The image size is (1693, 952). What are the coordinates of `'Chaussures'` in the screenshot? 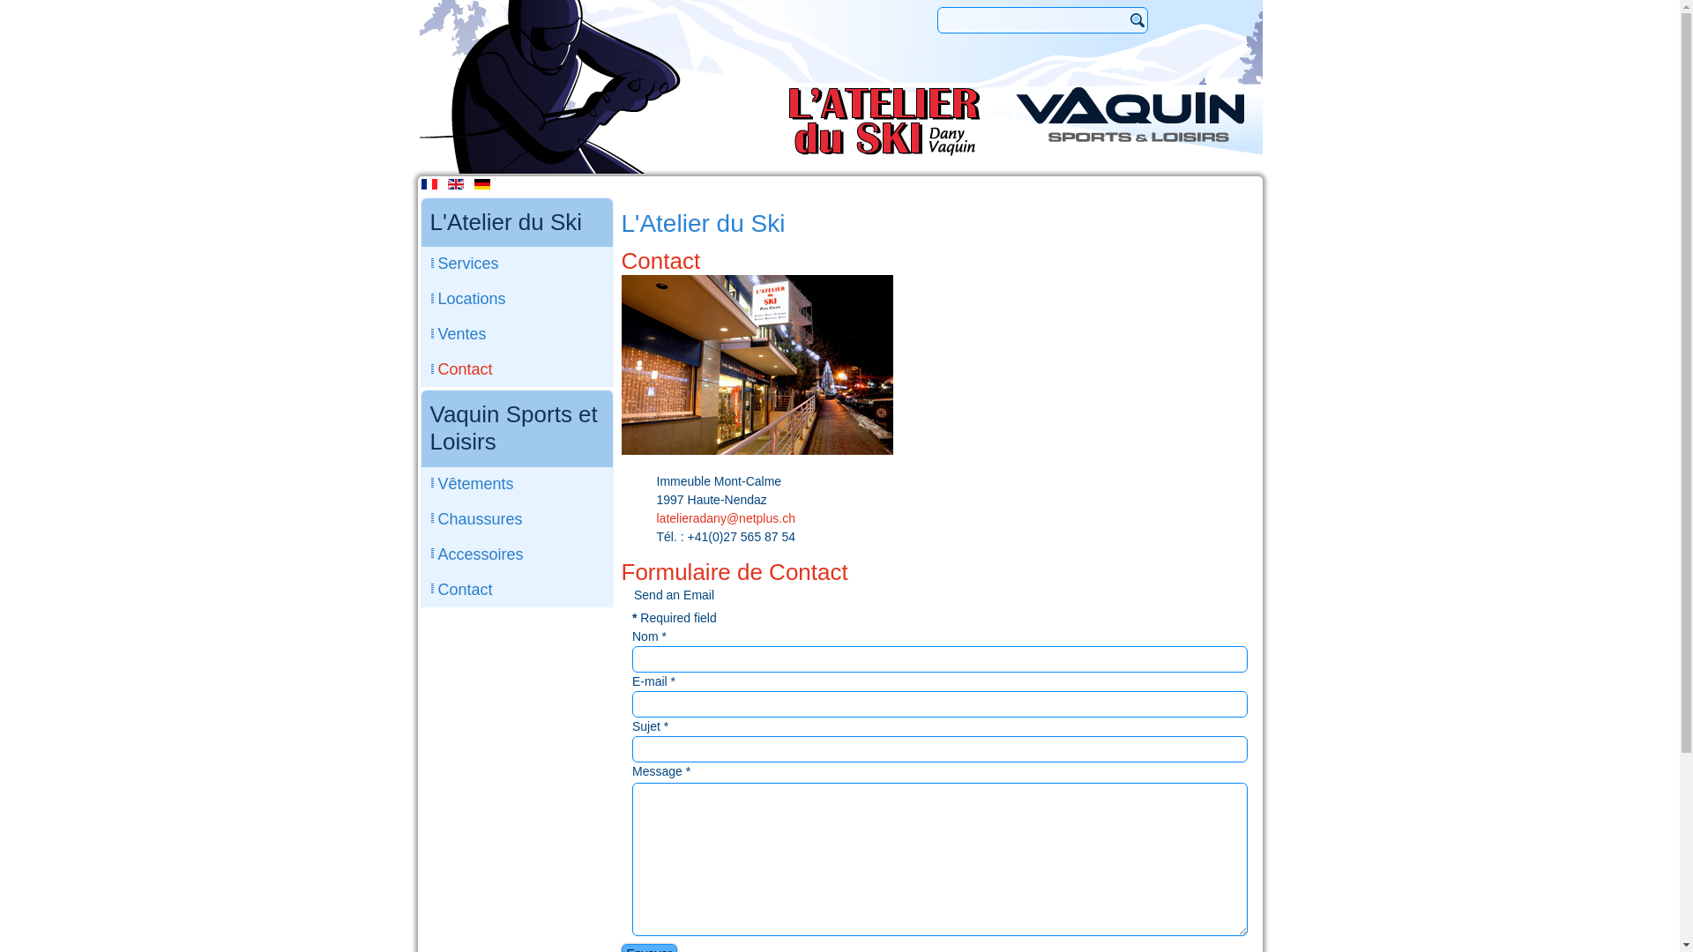 It's located at (515, 518).